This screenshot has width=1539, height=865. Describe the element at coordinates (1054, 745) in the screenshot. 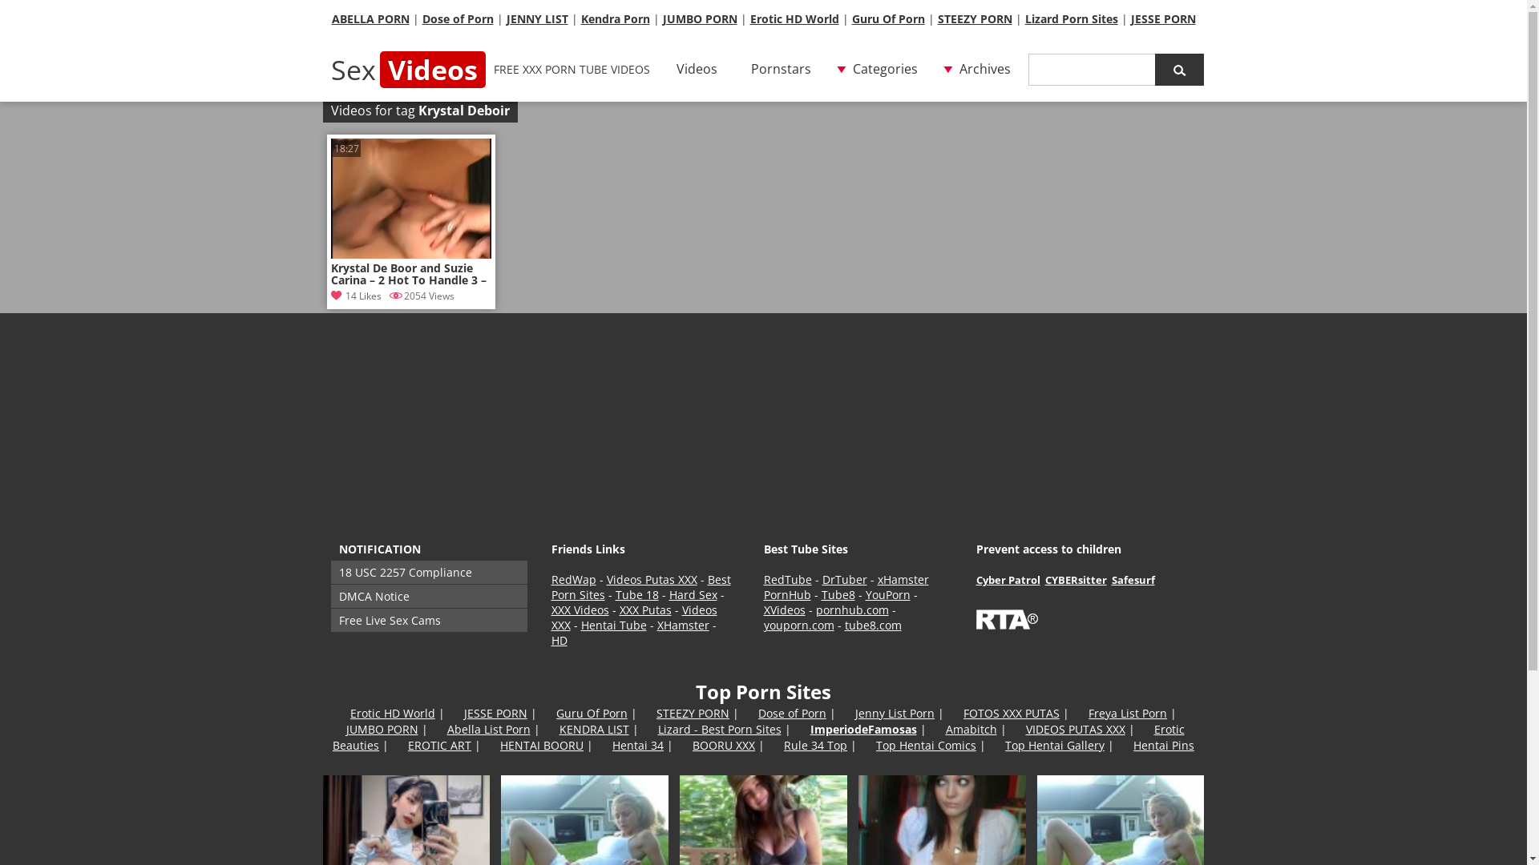

I see `'Top Hentai Gallery'` at that location.